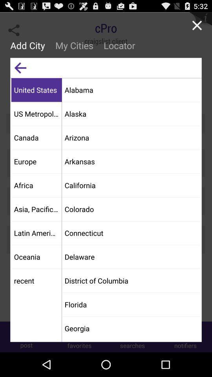 This screenshot has height=377, width=212. Describe the element at coordinates (131, 161) in the screenshot. I see `the arkansas icon` at that location.